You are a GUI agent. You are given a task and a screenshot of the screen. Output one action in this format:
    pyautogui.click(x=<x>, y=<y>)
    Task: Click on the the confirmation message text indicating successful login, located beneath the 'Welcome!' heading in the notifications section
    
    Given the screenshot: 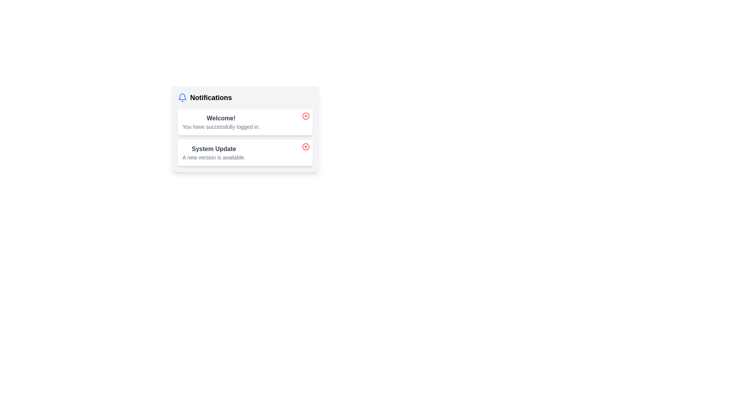 What is the action you would take?
    pyautogui.click(x=220, y=127)
    